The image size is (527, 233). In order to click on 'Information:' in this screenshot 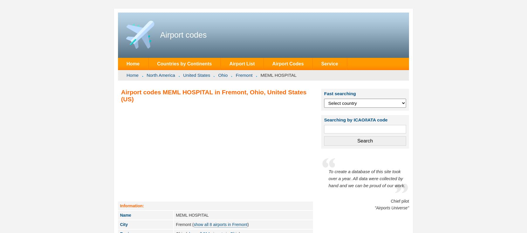, I will do `click(120, 206)`.